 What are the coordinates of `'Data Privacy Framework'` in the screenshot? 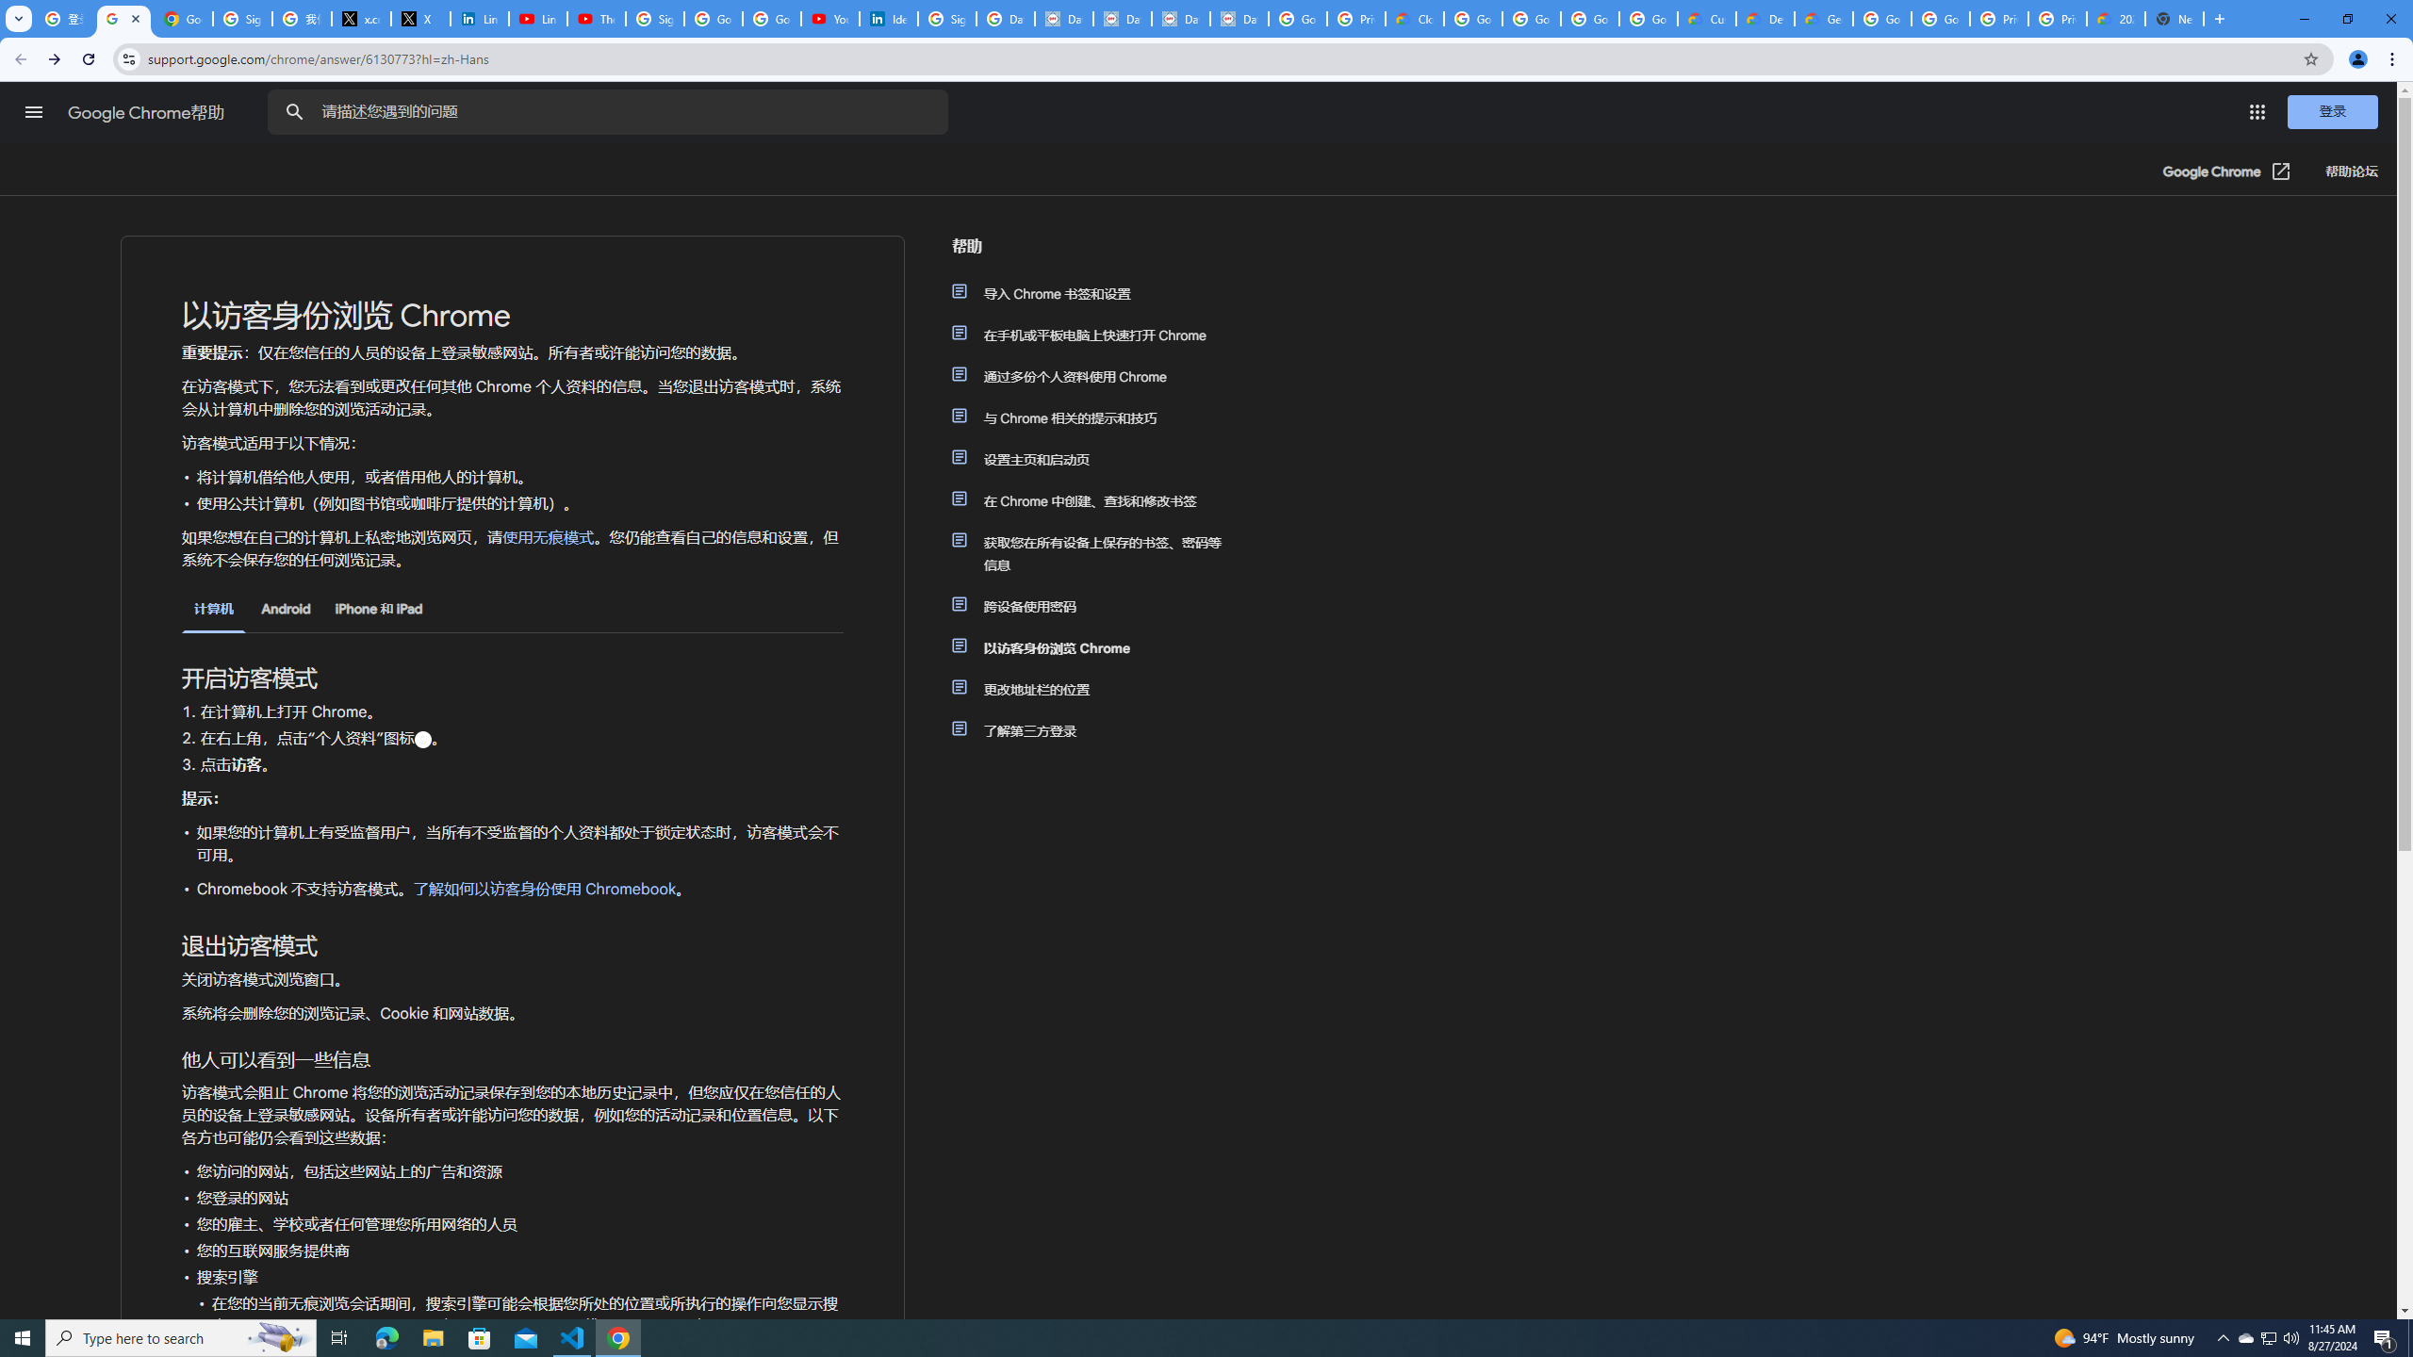 It's located at (1063, 18).